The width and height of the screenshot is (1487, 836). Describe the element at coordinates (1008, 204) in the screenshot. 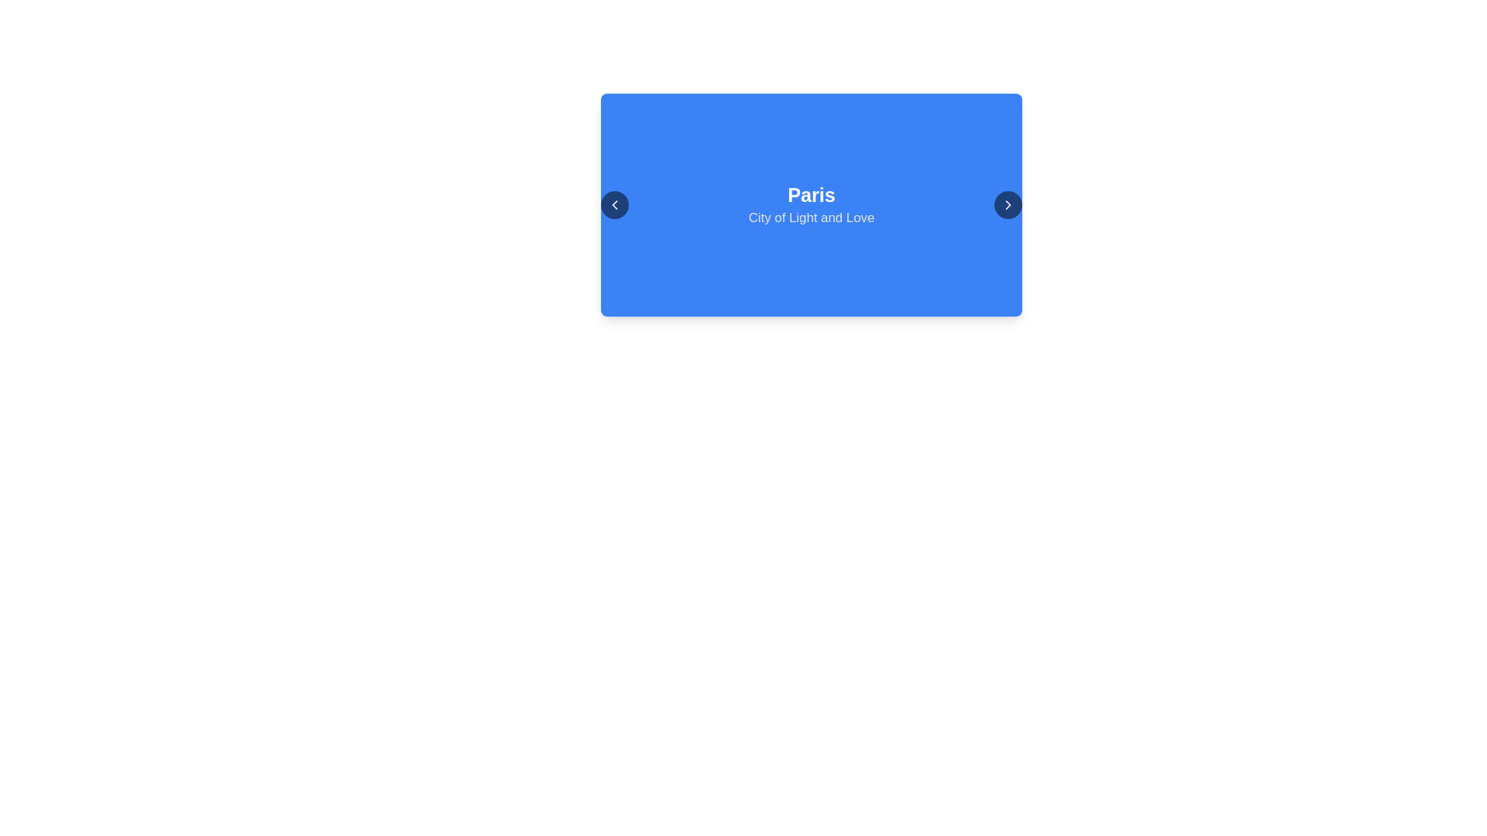

I see `the navigation arrow button located at the right boundary of the 'Paris' card to potentially display a tooltip` at that location.